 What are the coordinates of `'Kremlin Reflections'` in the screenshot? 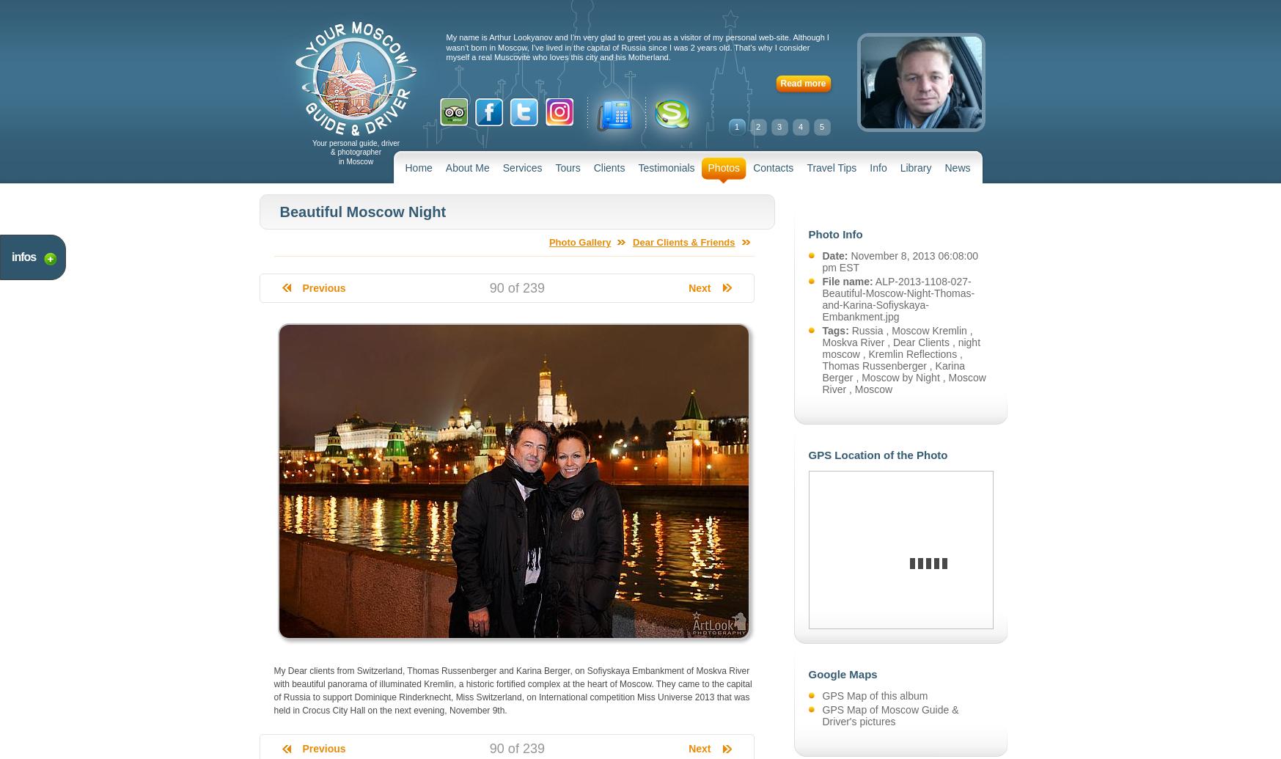 It's located at (912, 354).